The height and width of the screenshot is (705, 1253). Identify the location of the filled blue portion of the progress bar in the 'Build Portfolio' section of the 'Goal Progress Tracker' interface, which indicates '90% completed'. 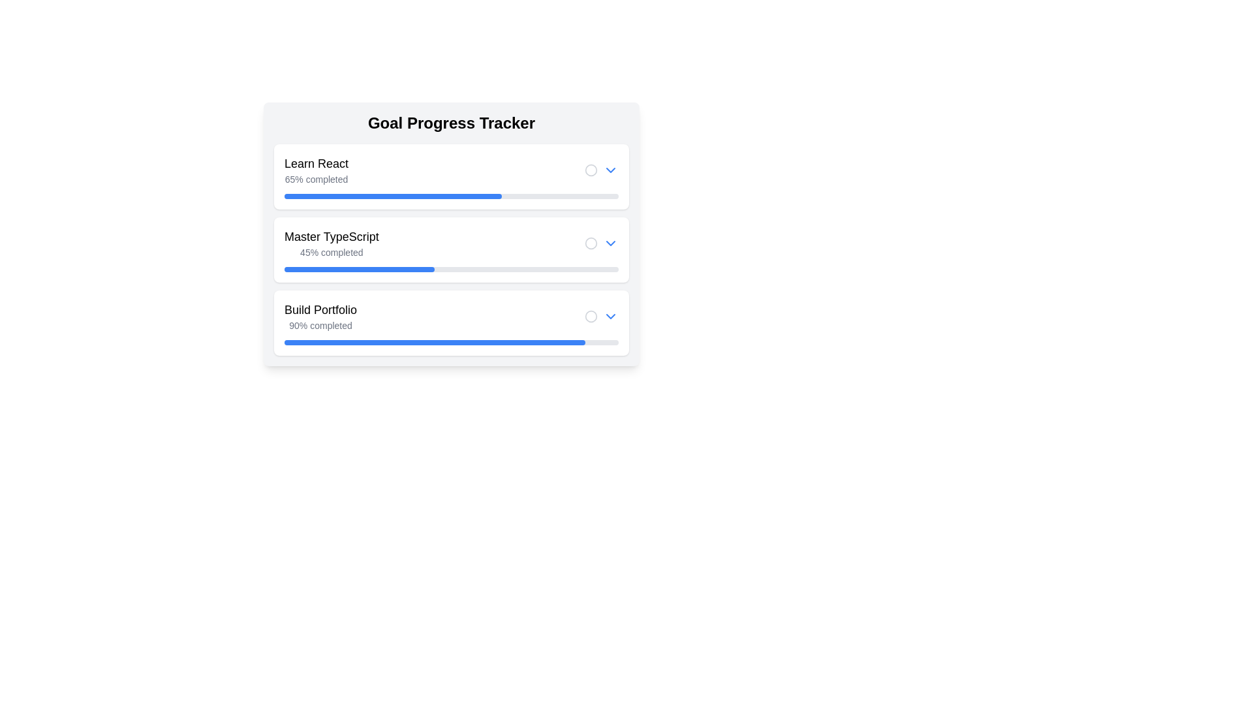
(435, 341).